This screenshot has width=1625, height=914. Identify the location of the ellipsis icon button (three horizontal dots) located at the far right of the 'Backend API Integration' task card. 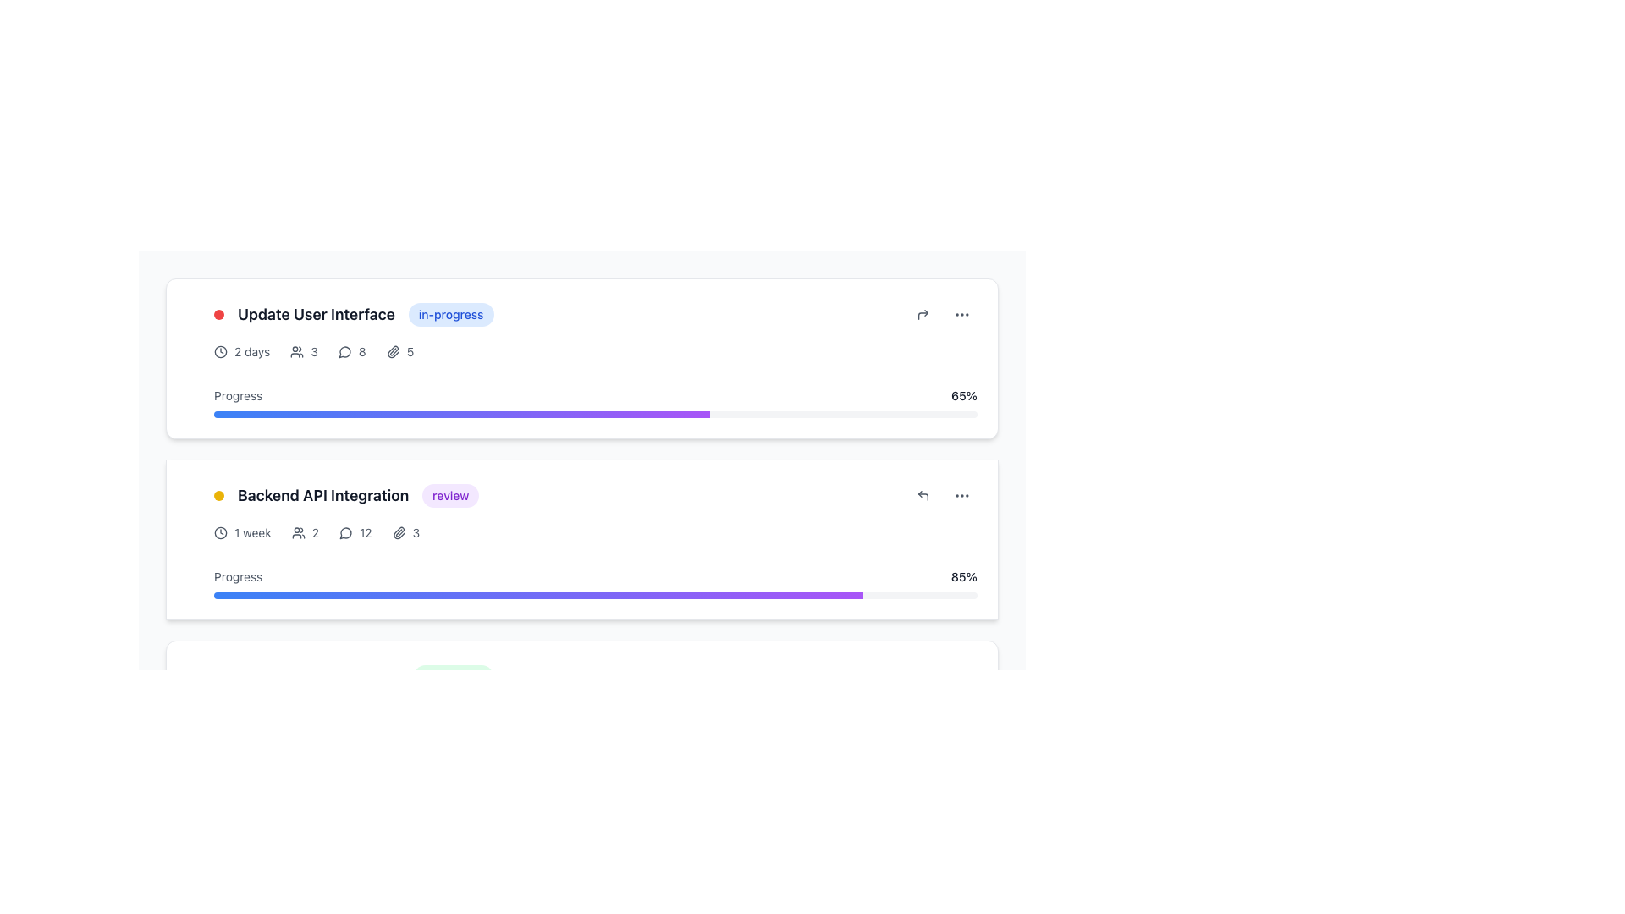
(962, 495).